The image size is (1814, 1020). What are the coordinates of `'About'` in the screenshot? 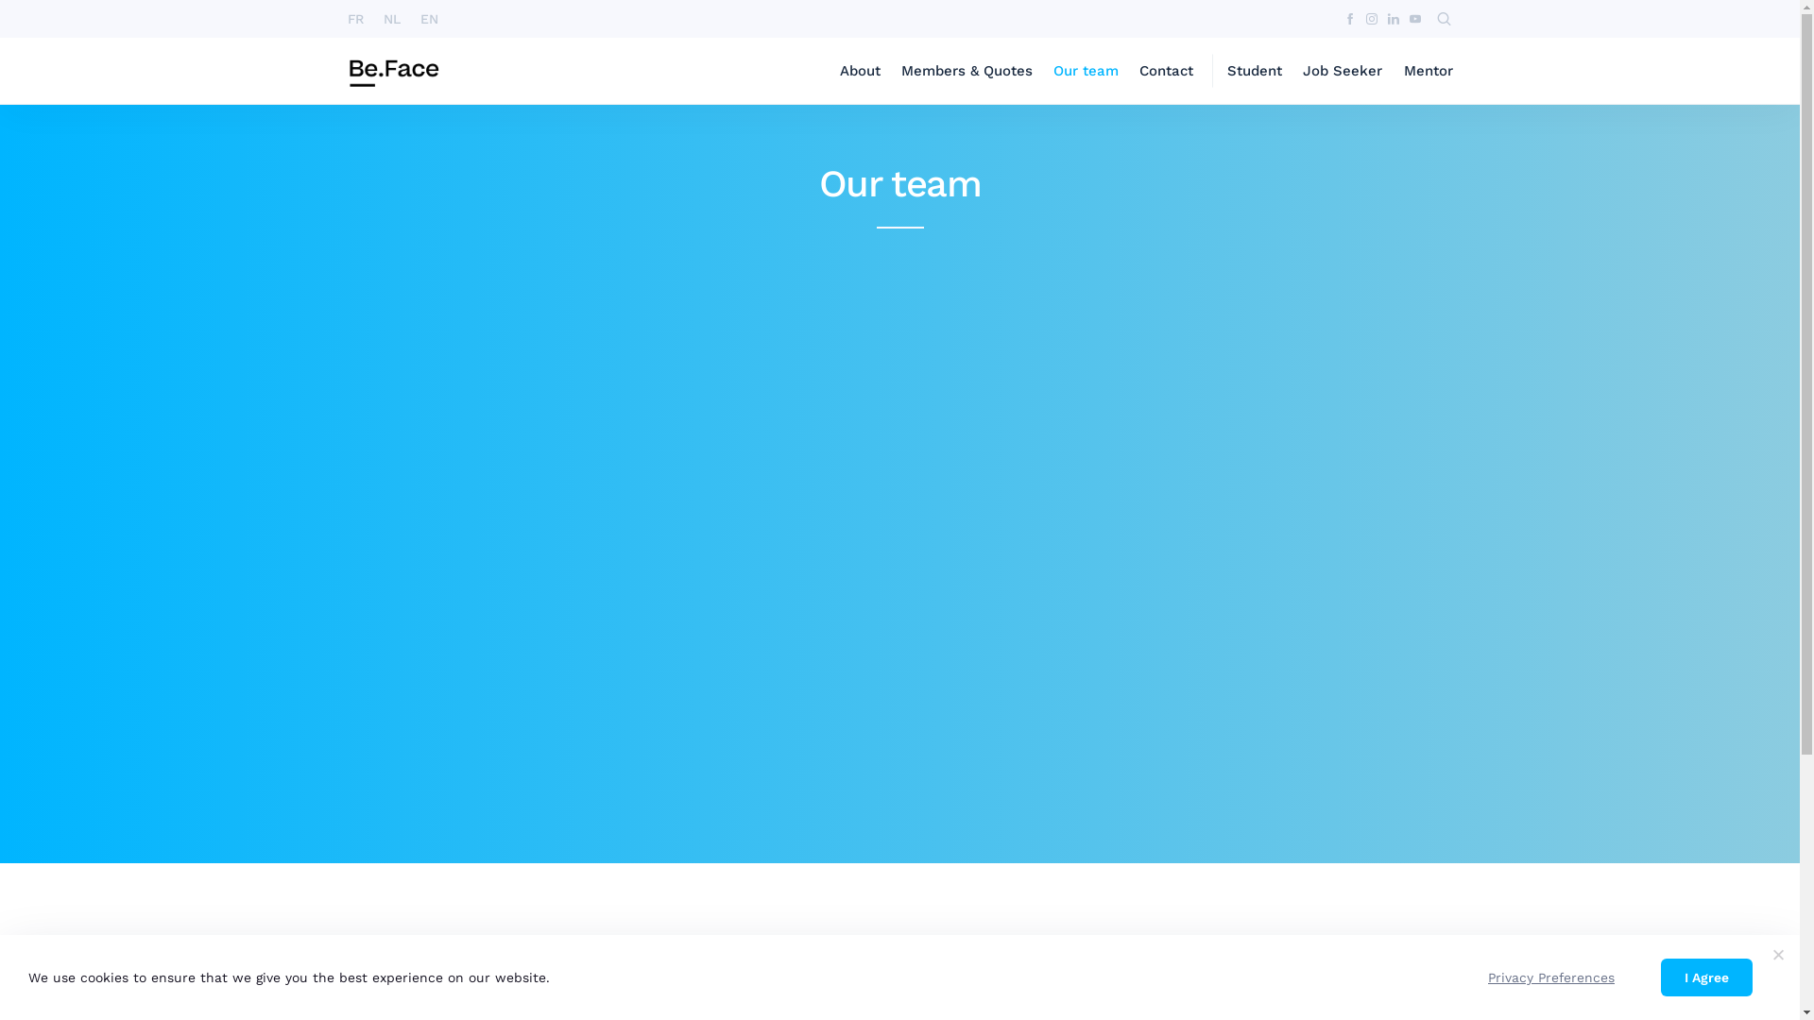 It's located at (838, 69).